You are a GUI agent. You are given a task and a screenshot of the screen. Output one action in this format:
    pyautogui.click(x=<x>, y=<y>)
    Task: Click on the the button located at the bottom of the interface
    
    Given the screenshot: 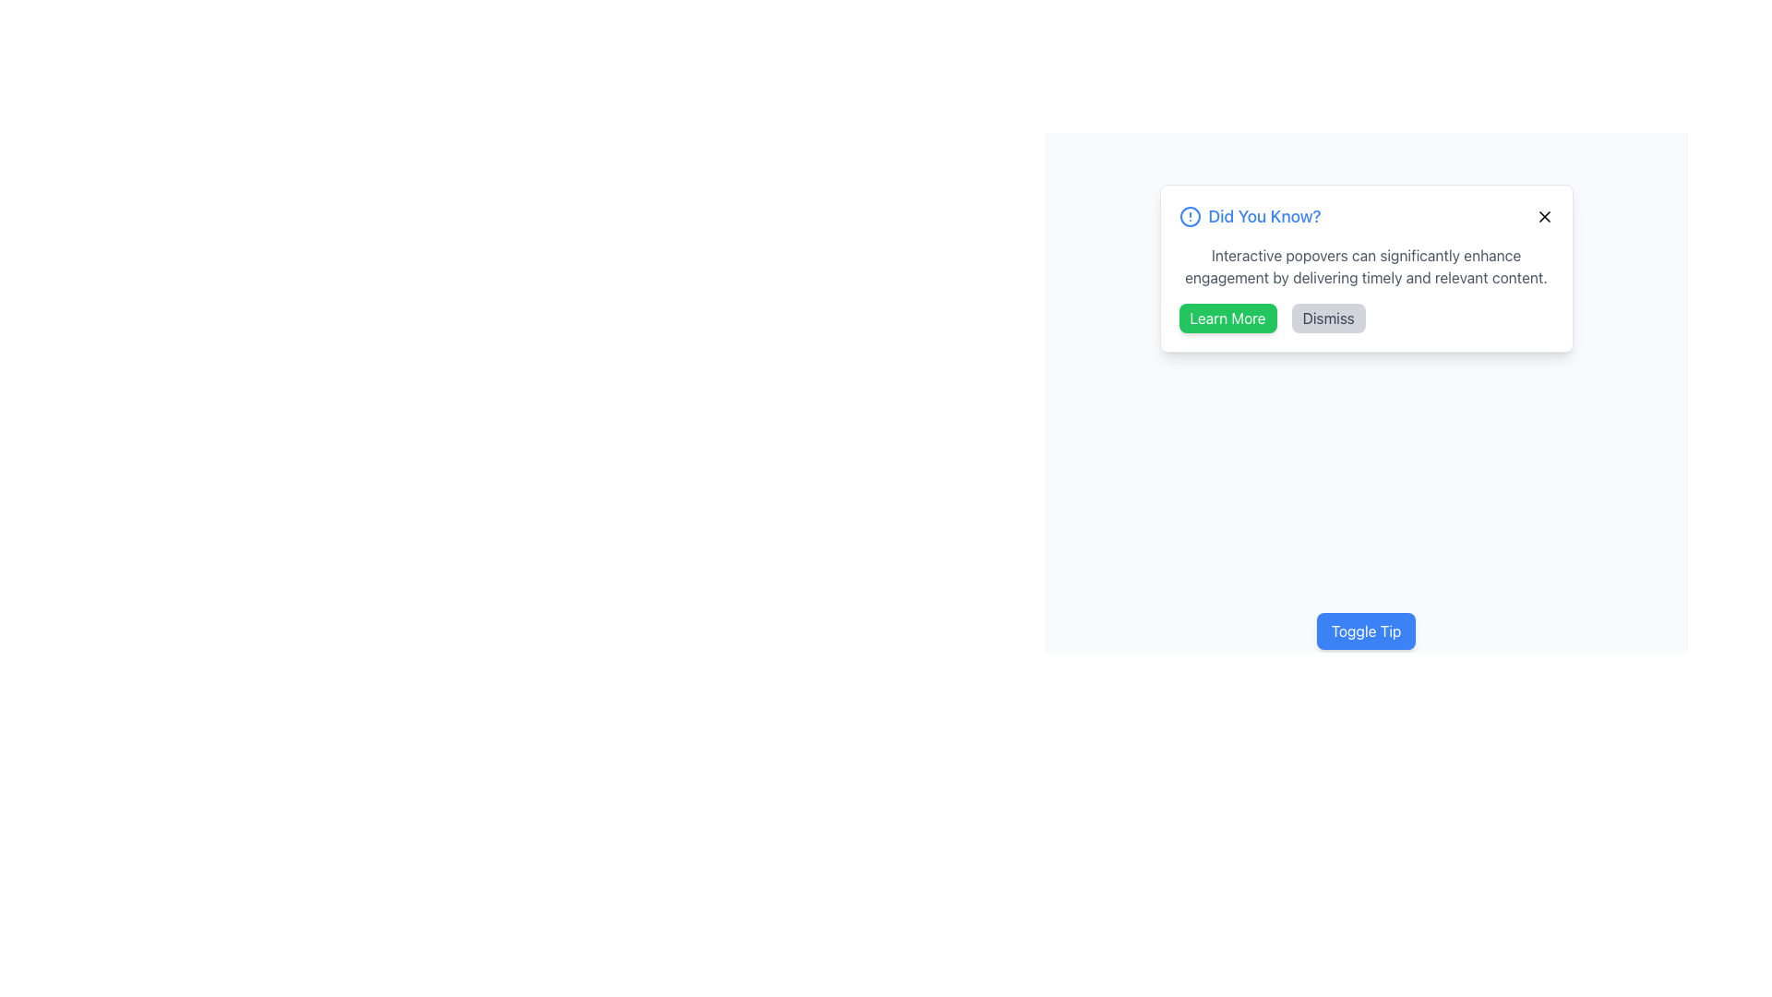 What is the action you would take?
    pyautogui.click(x=1366, y=630)
    